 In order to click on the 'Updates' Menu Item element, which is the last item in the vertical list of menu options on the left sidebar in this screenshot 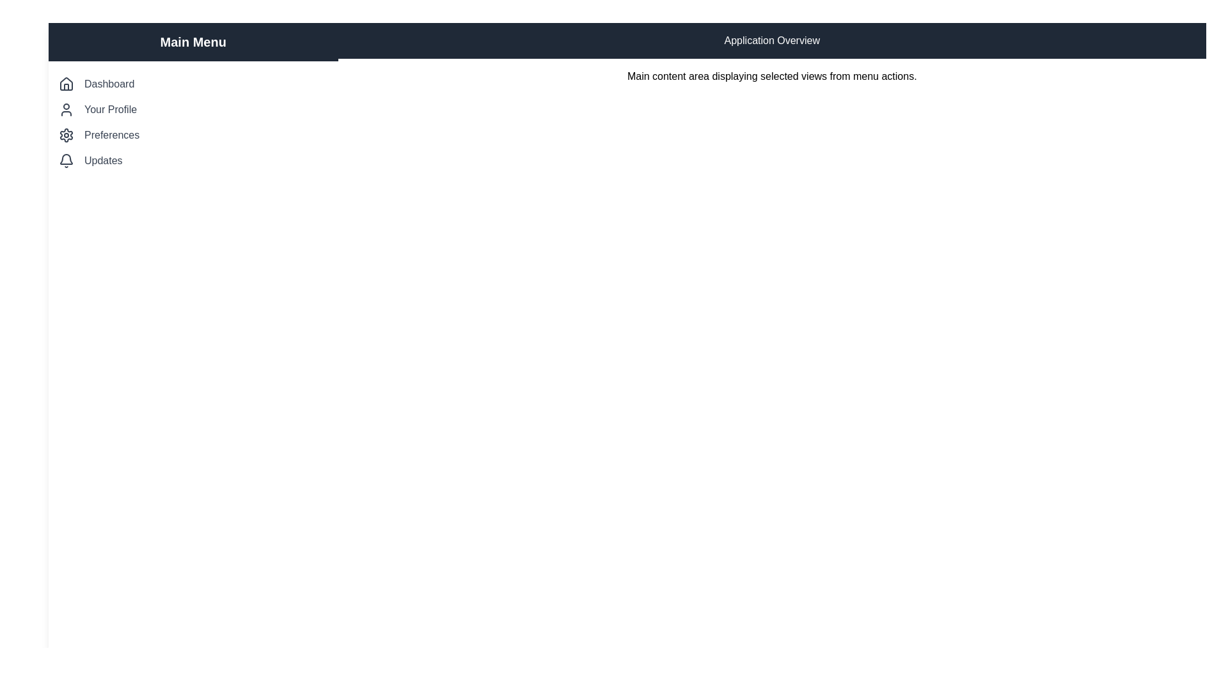, I will do `click(193, 160)`.